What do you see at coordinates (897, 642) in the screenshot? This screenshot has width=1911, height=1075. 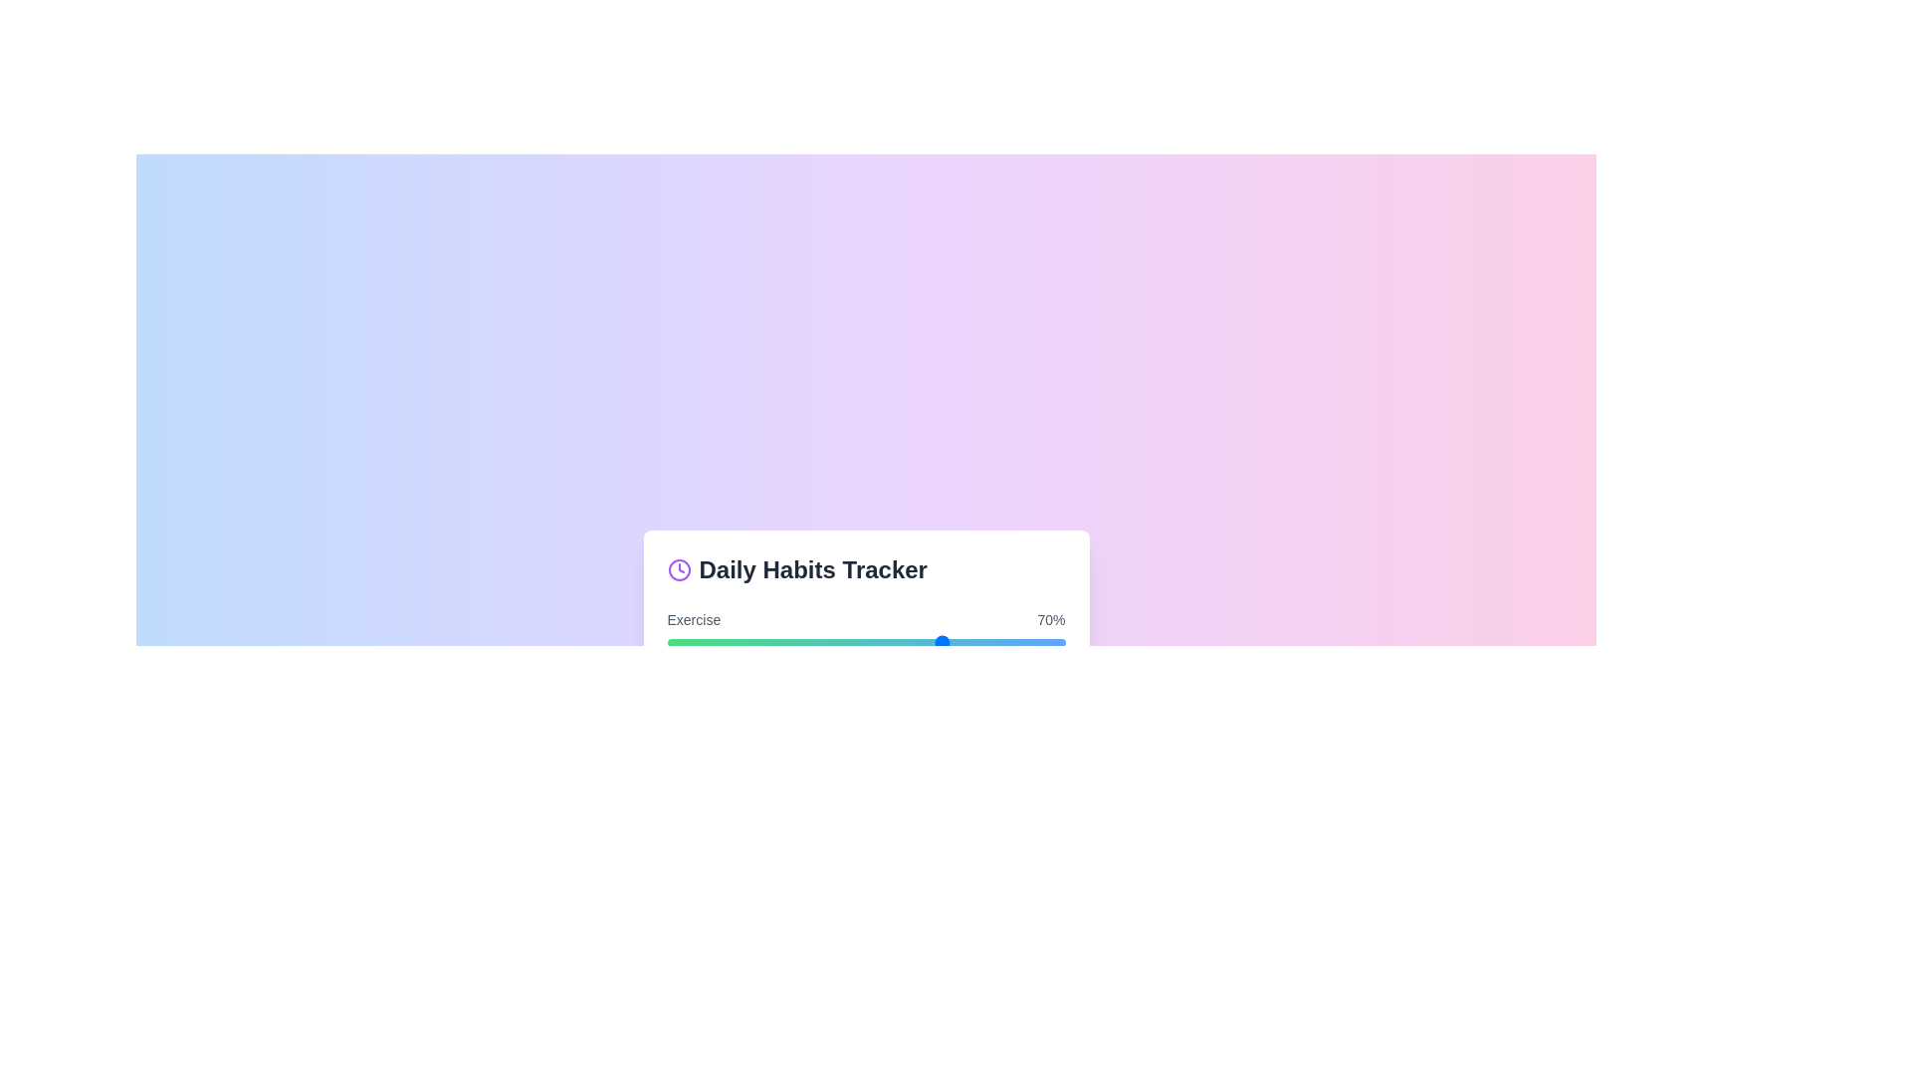 I see `the progress bar for a habit to 58%` at bounding box center [897, 642].